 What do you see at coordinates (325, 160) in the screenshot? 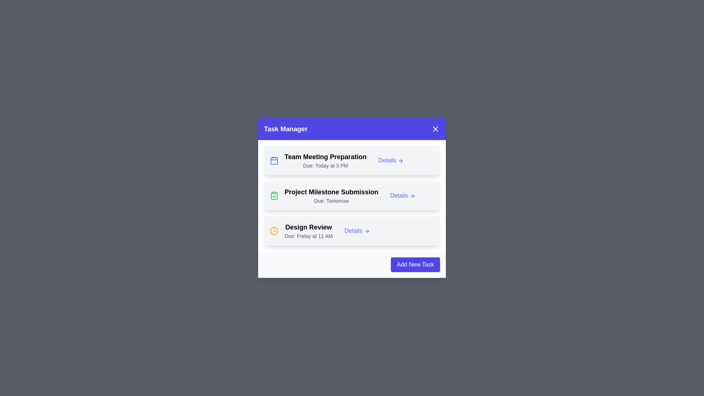
I see `task title and due date displayed in the first task entry of the 'Task Manager' interface, which is located near the top of the list and has a calendar icon on the left and a 'Details' link on the right` at bounding box center [325, 160].